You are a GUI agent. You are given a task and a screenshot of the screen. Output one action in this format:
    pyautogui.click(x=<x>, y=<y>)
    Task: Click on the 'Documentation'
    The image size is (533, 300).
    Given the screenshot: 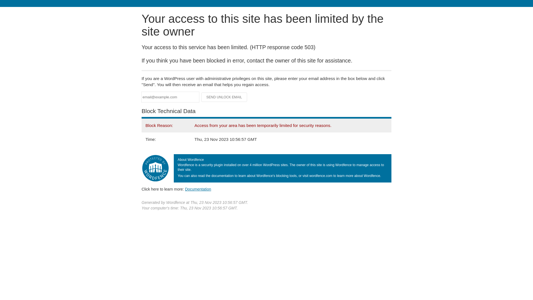 What is the action you would take?
    pyautogui.click(x=198, y=189)
    